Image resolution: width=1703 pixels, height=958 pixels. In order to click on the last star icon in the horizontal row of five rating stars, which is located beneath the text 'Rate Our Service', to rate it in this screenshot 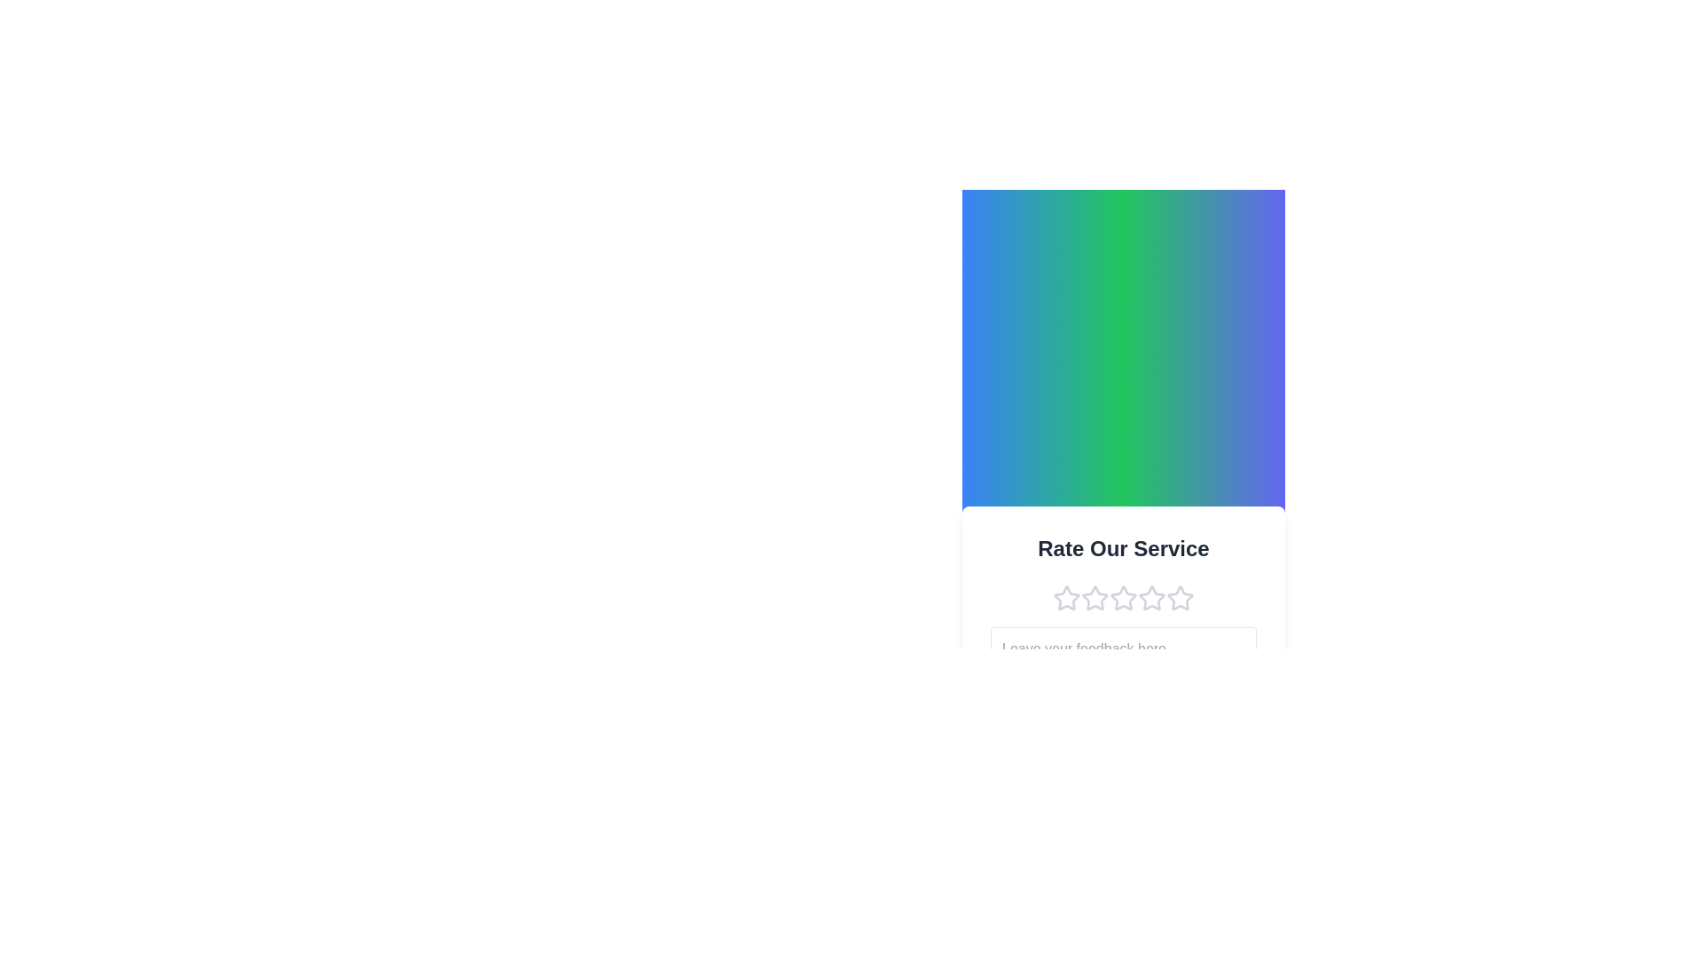, I will do `click(1180, 598)`.